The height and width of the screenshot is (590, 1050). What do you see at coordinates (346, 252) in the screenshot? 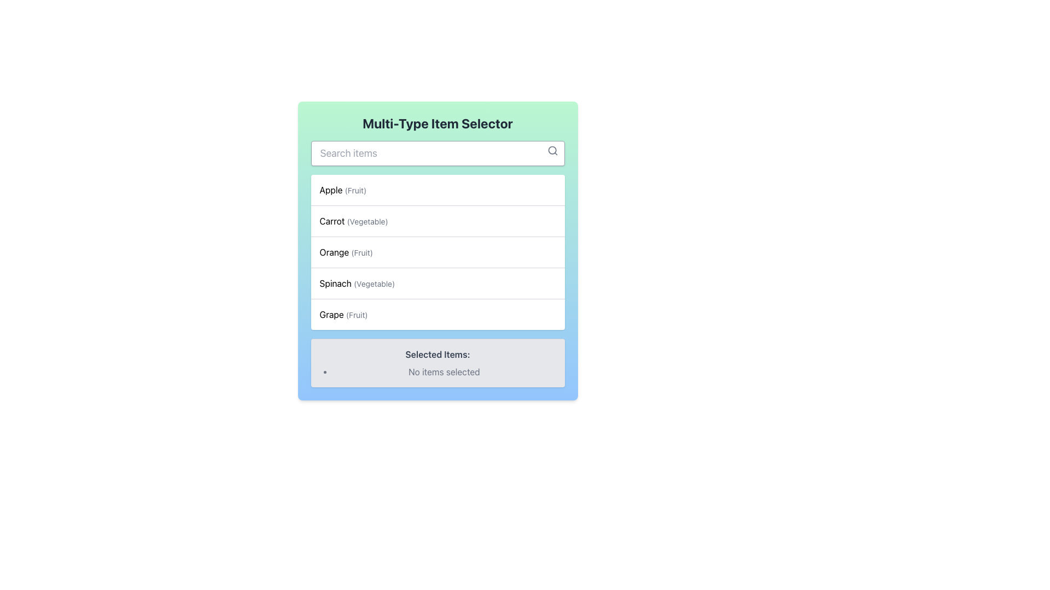
I see `the list item text displaying 'Orange (Fruit)' which is the third item in the vertically stacked list of selectable menu options` at bounding box center [346, 252].